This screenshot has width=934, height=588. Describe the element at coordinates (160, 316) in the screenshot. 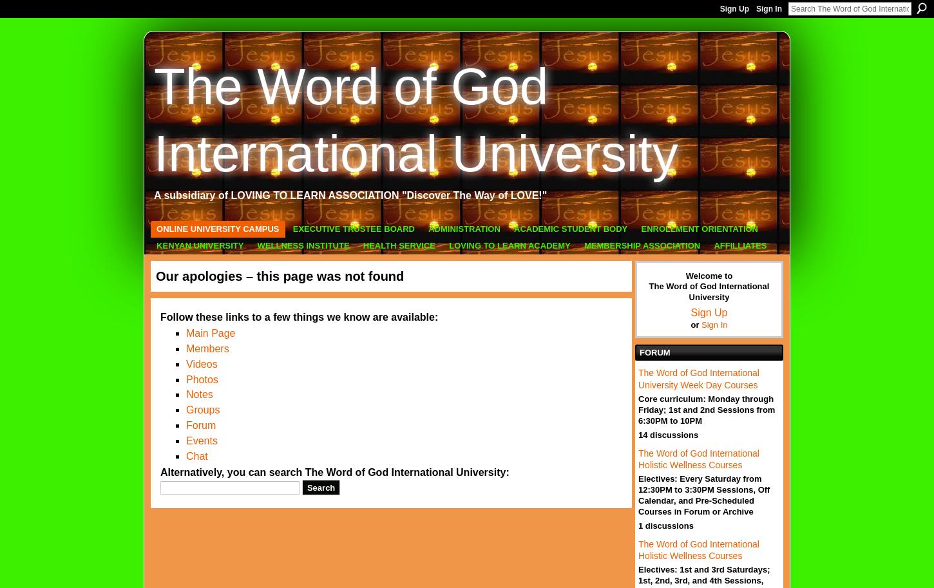

I see `'Follow these links to a few things we know are available:'` at that location.